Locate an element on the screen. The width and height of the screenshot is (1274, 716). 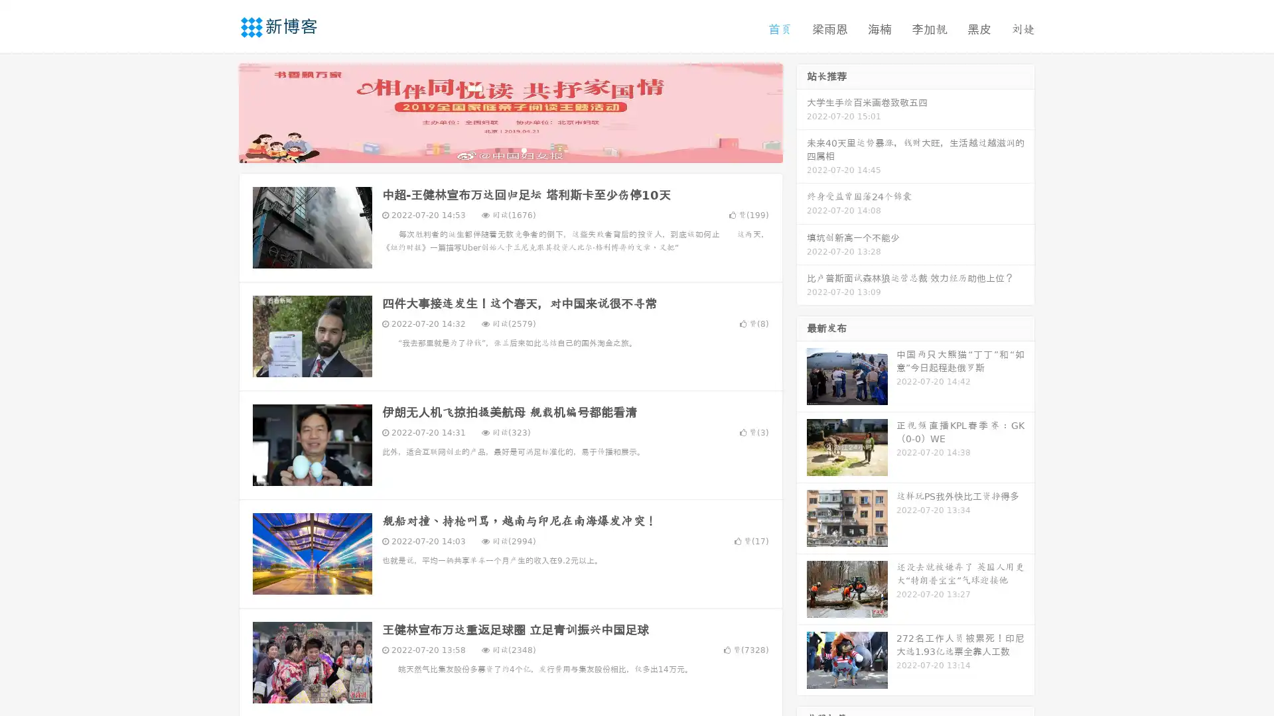
Next slide is located at coordinates (802, 111).